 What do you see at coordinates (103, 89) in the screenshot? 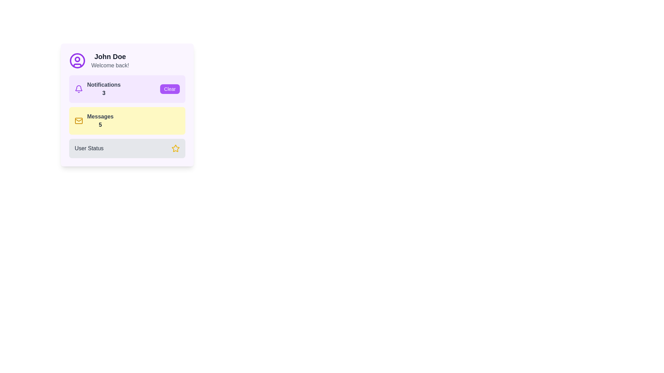
I see `the 'Notifications' text display element, which shows the word 'Notifications' in bold gray font and the number '3' beneath it, located in the notification section of the card layout` at bounding box center [103, 89].